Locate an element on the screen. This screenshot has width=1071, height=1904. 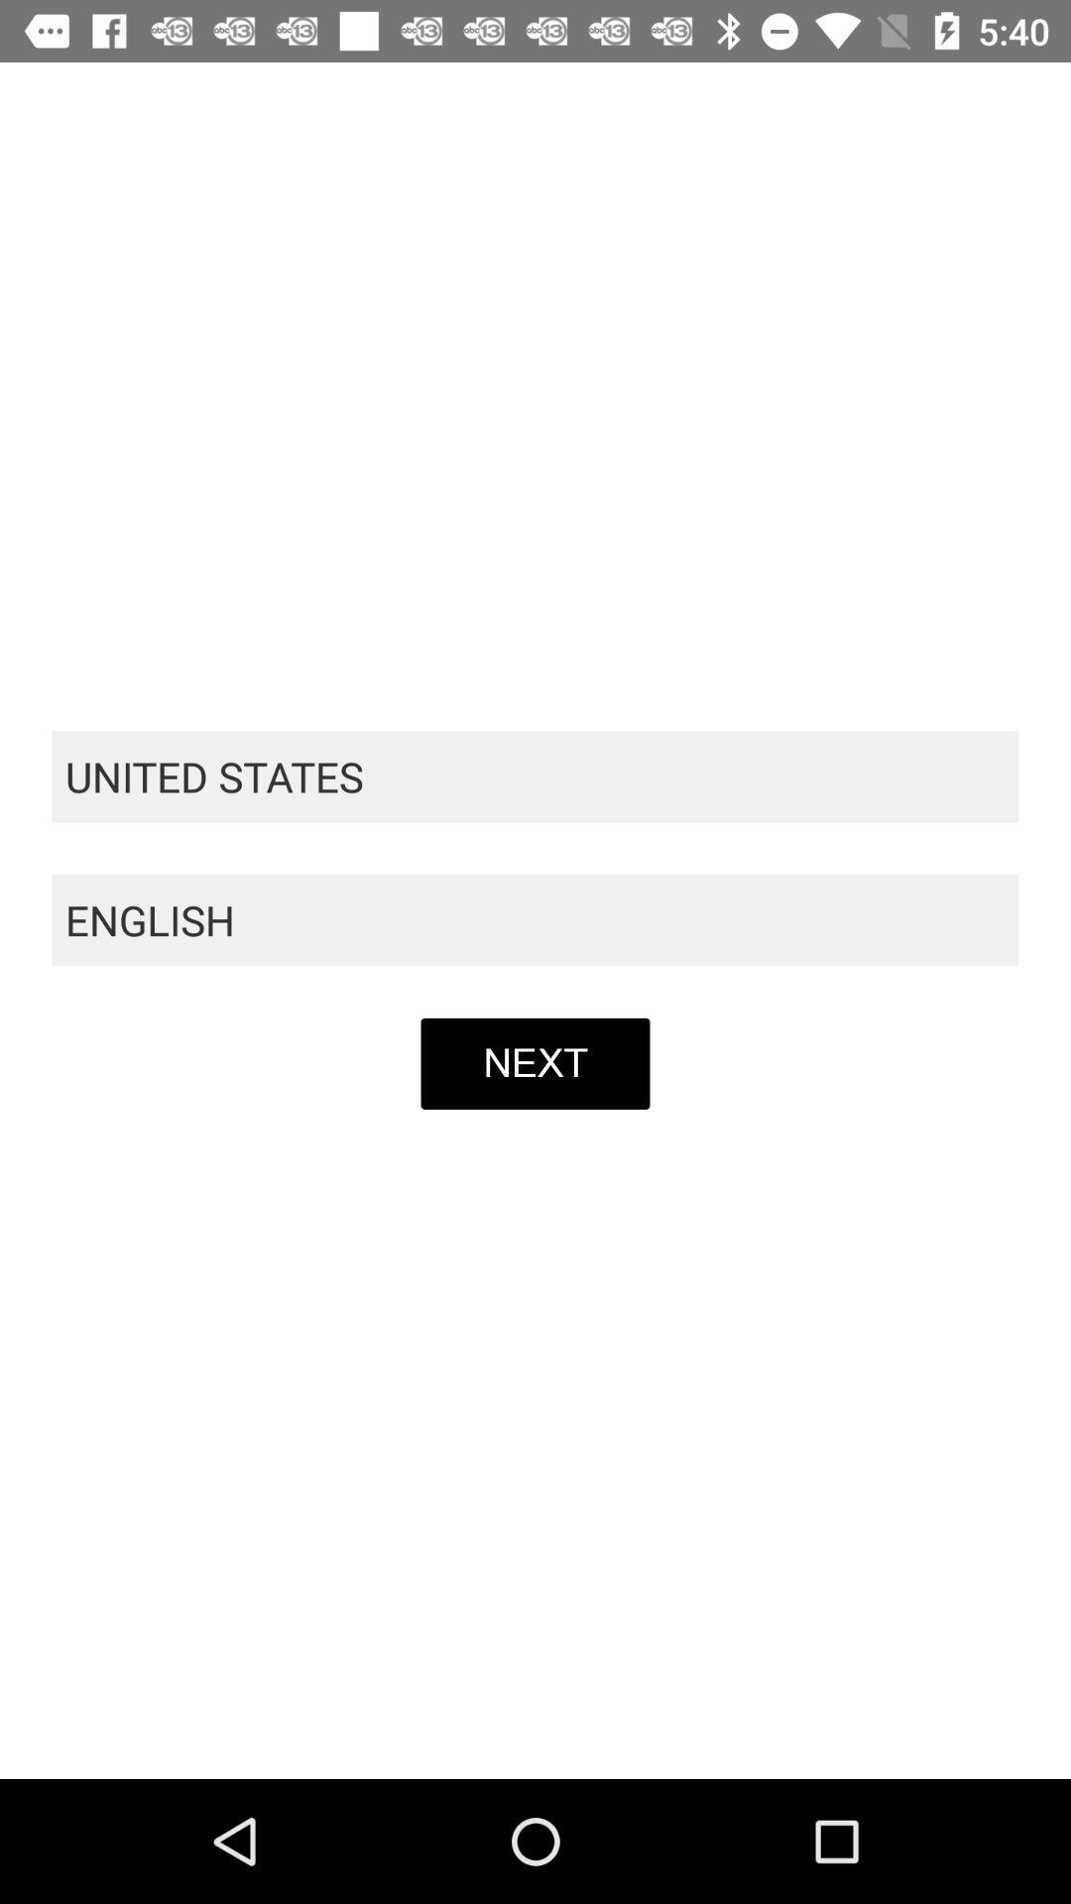
the united states item is located at coordinates (535, 775).